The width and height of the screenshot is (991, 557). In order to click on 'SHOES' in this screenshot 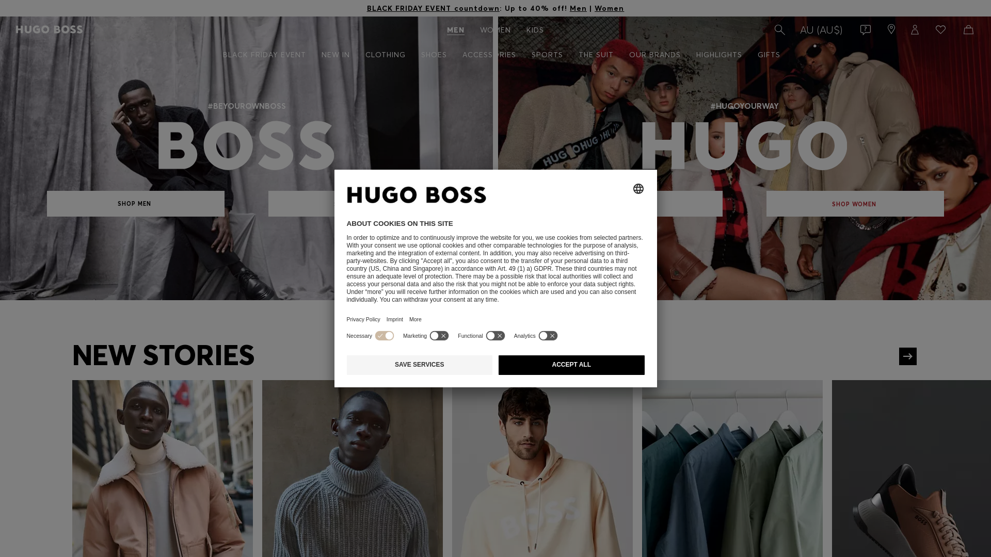, I will do `click(434, 55)`.